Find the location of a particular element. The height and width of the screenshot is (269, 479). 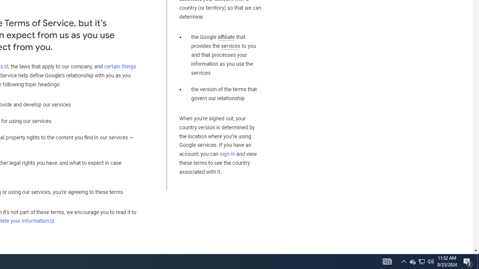

'sign in' is located at coordinates (227, 154).